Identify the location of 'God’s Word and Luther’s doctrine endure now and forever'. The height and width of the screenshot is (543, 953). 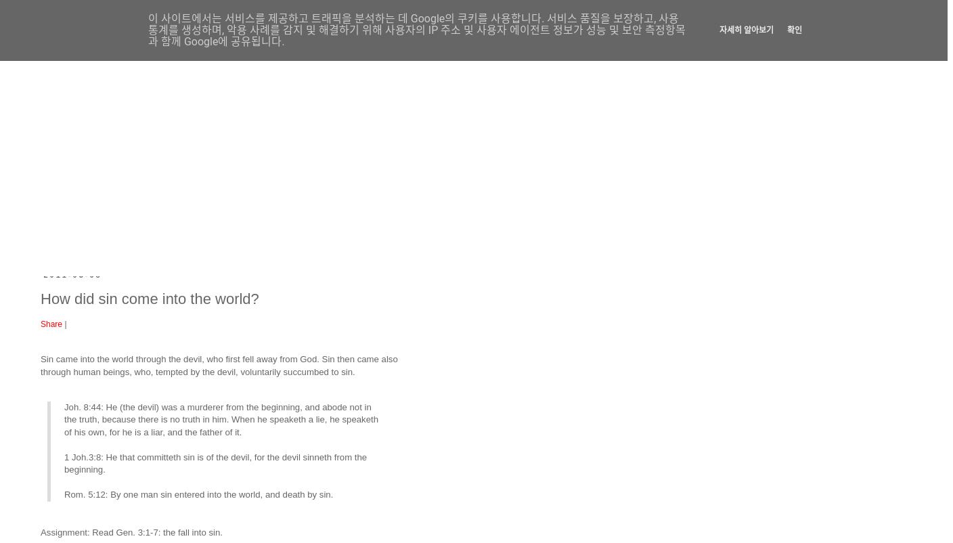
(189, 165).